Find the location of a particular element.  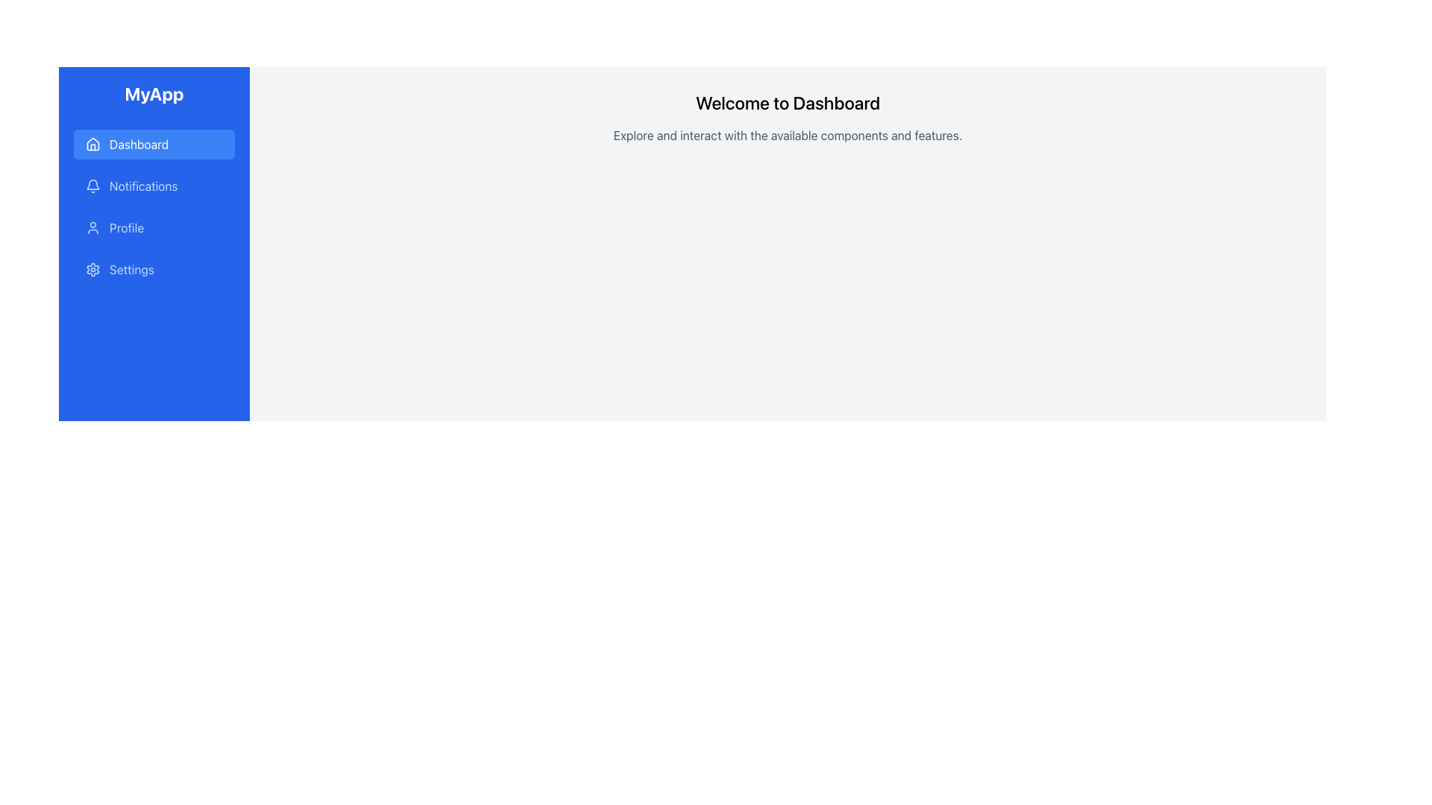

the user icon representing the 'Profile' option in the vertical navigation menu is located at coordinates (92, 227).